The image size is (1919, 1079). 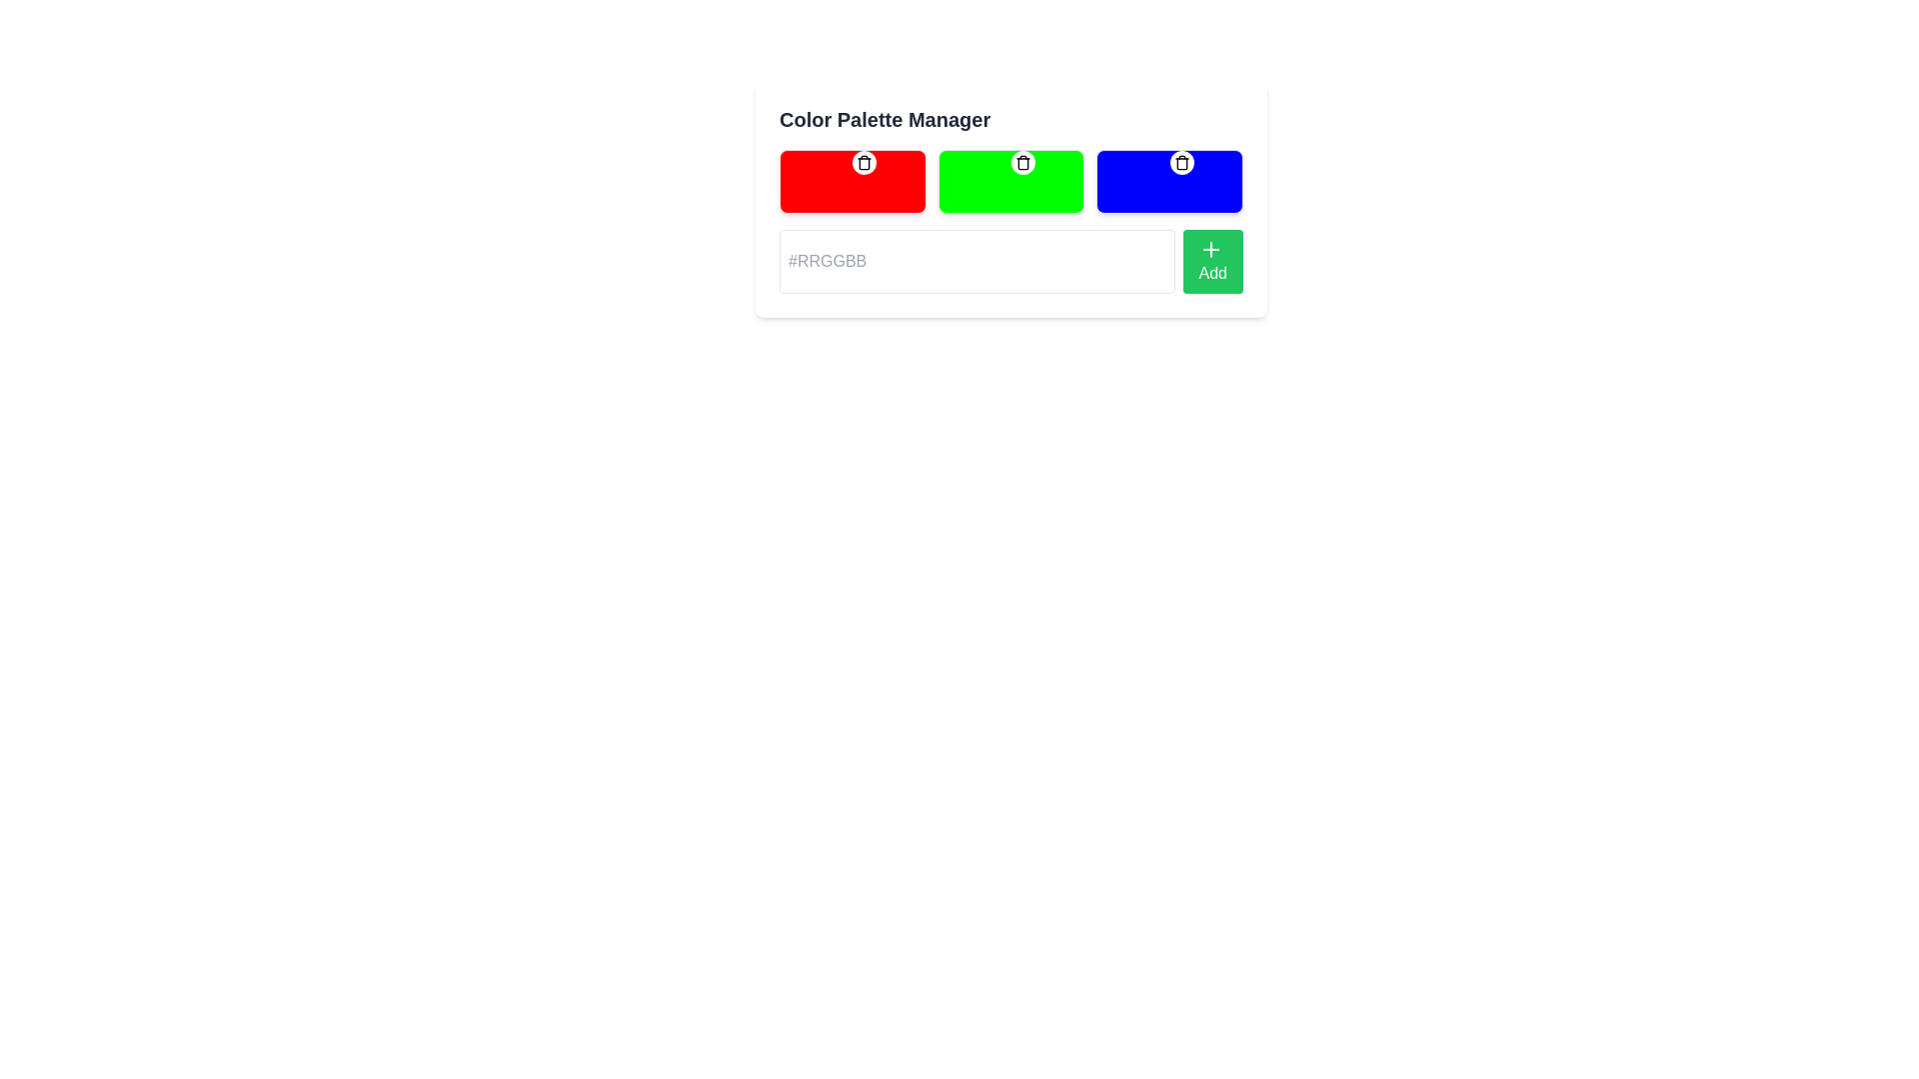 I want to click on the bright green color display card with a delete button, which is the second item in a grid of three colored rectangles, so click(x=1011, y=181).